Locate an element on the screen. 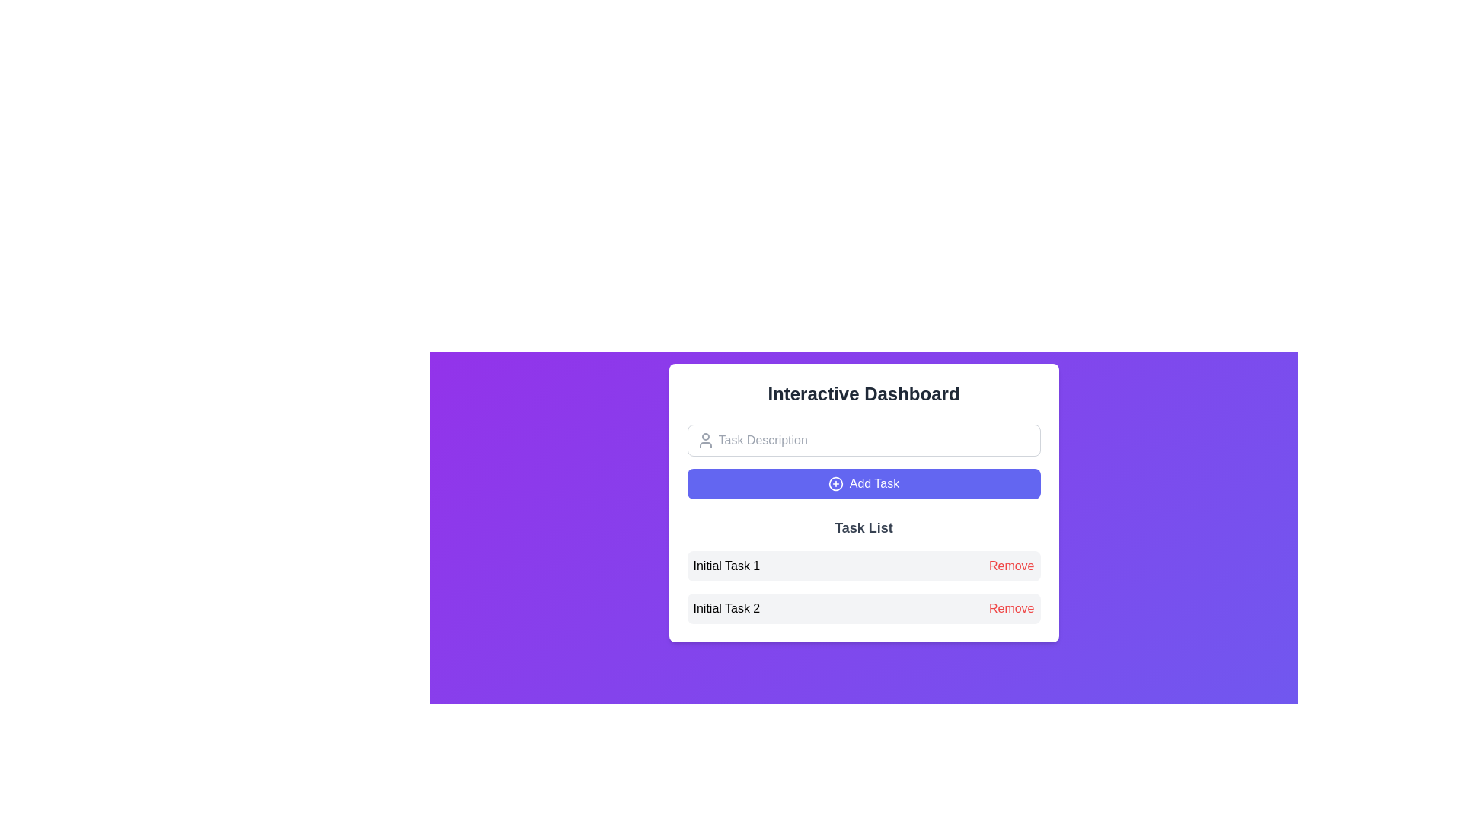 This screenshot has width=1462, height=822. the 'Remove' button, which is styled in red and located to the right of 'Initial Task 1' in the task list is located at coordinates (1011, 566).